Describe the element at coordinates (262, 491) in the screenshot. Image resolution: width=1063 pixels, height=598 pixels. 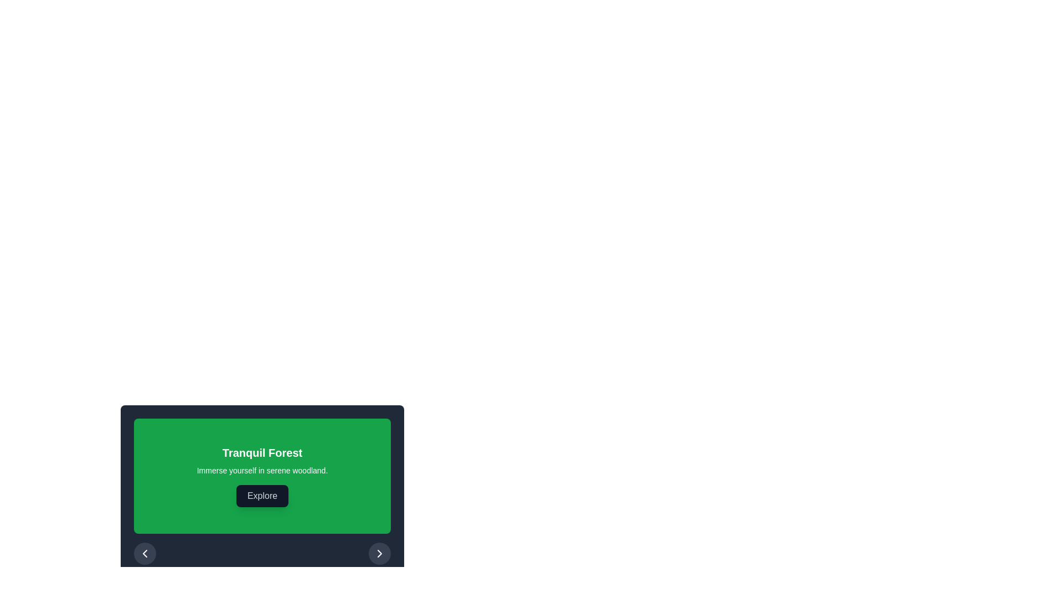
I see `descriptive text within the prominent dark-colored card that has a green background, white text headers, and a black 'Explore' button, located at the center of the display` at that location.